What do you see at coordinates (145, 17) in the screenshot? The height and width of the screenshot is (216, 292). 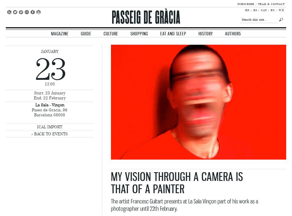 I see `'Passeig de Gràcia'` at bounding box center [145, 17].